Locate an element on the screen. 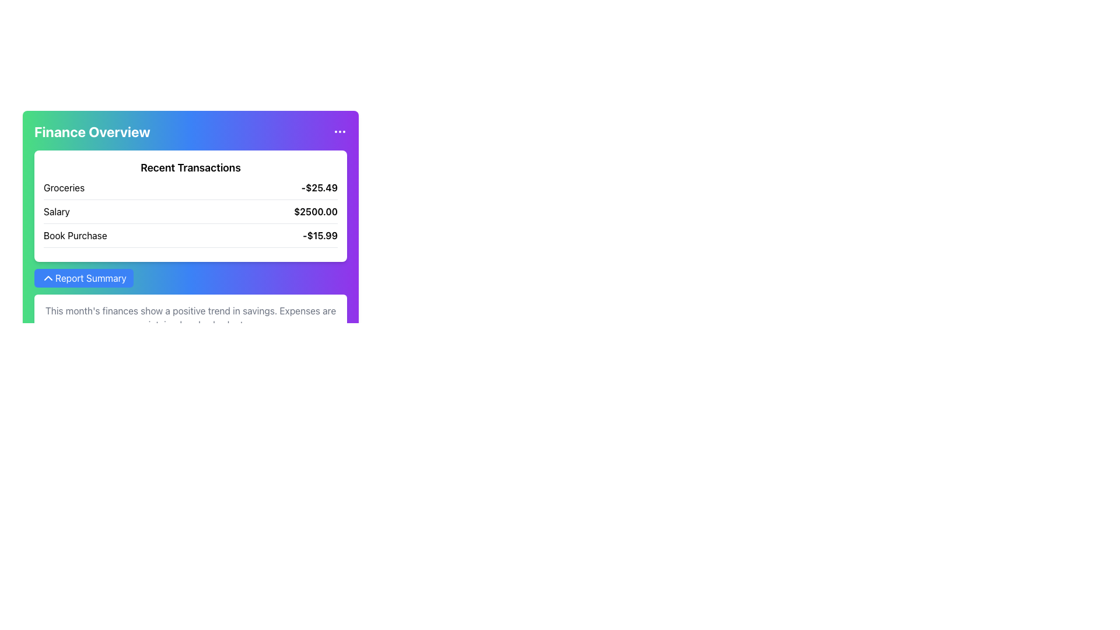  the informational Text block located at the bottom of the 'Finance Overview' section, directly below the 'Report Summary' button is located at coordinates (190, 317).